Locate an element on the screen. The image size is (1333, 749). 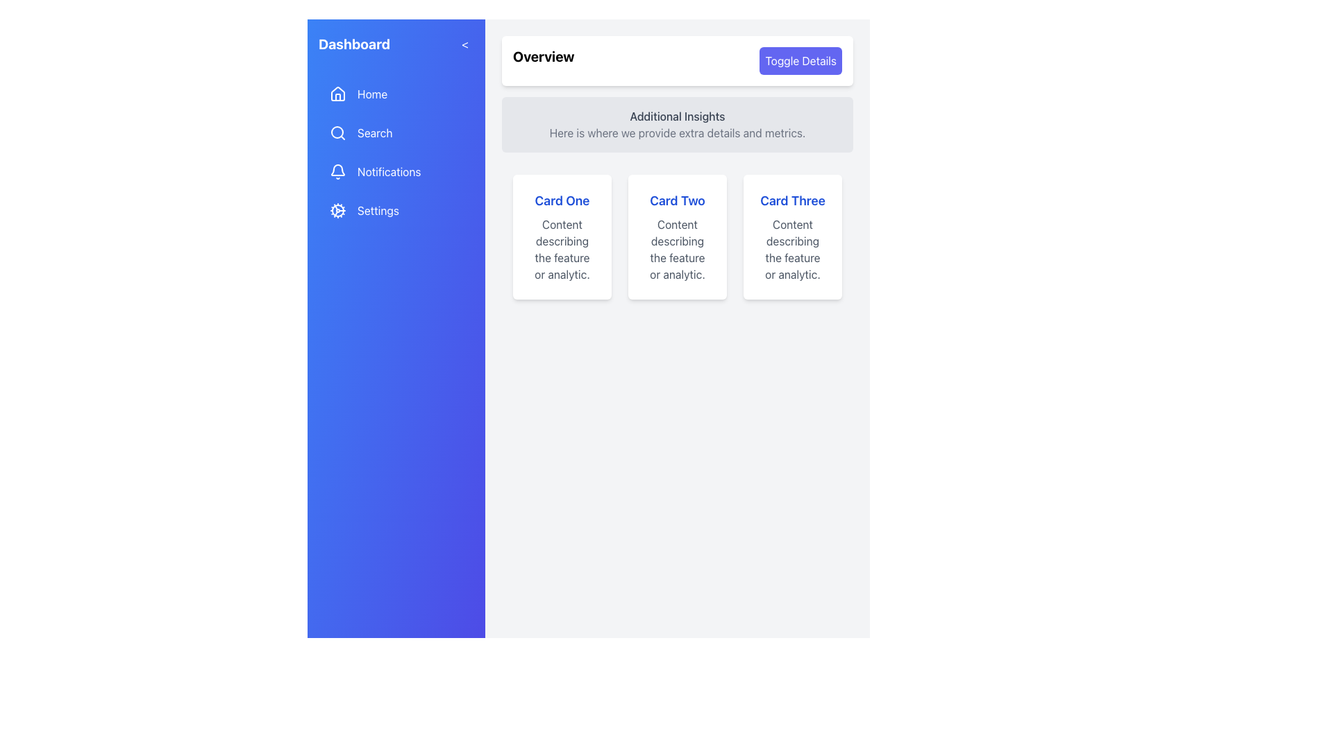
the bell-shaped vector graphic icon that serves as a visual indicator for the Notifications menu option, located in the vertical sidebar menu to the left of the 'Notifications' text label is located at coordinates (337, 169).